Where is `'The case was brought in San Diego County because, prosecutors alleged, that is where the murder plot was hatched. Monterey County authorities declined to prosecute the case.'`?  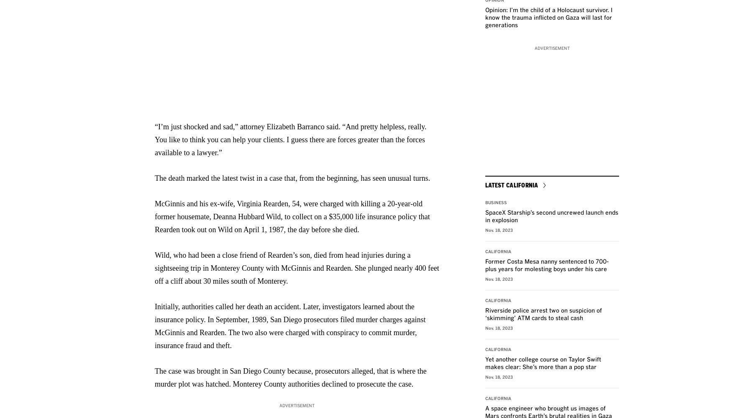 'The case was brought in San Diego County because, prosecutors alleged, that is where the murder plot was hatched. Monterey County authorities declined to prosecute the case.' is located at coordinates (290, 377).